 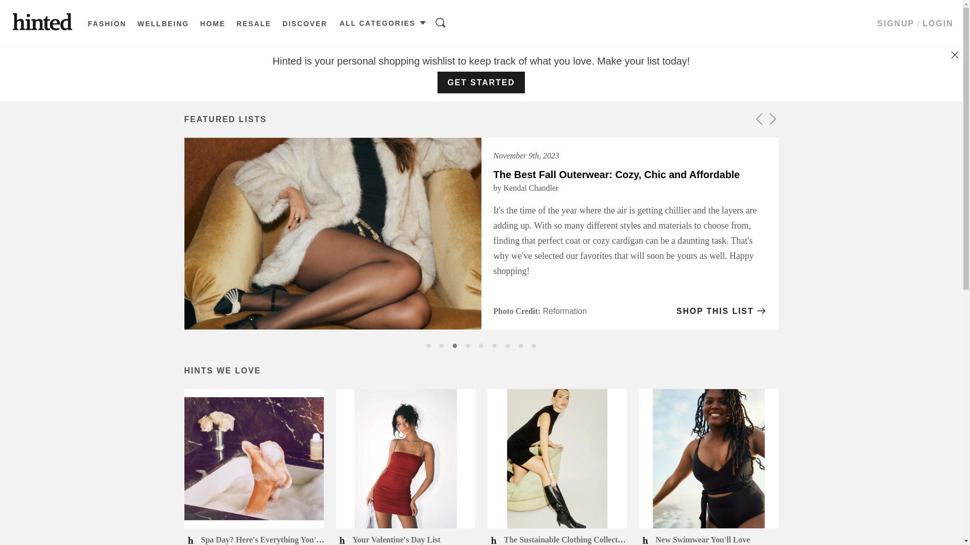 I want to click on 'RESALE', so click(x=254, y=23).